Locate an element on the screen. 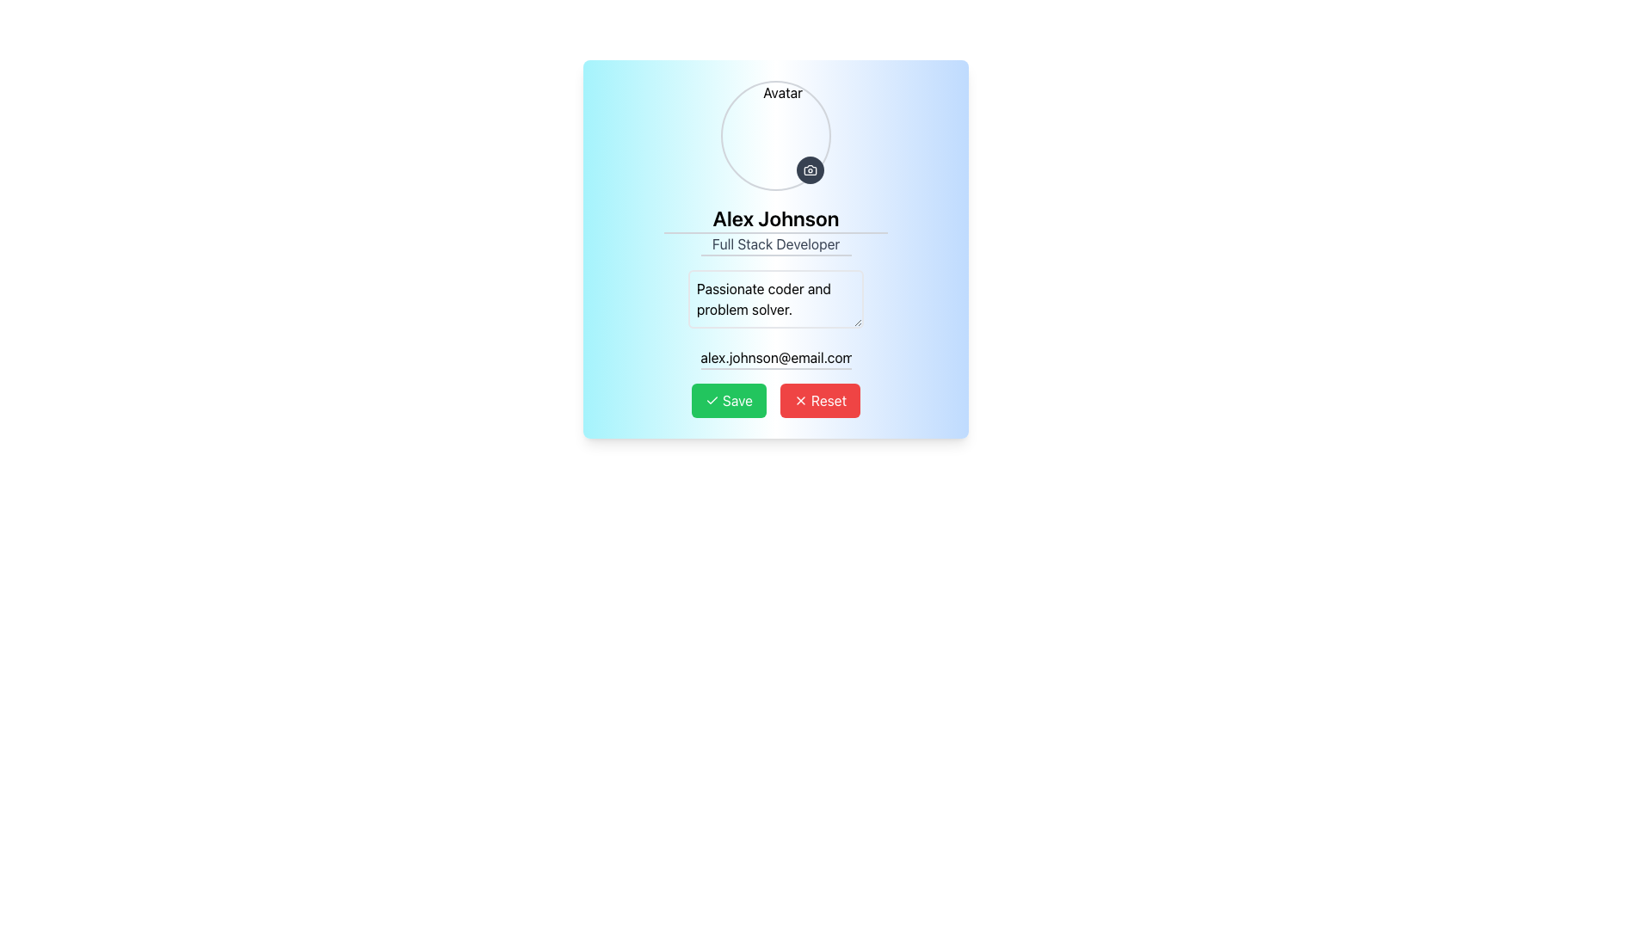 Image resolution: width=1652 pixels, height=929 pixels. the checkmark icon located to the left of the 'Save' button to confirm the action is located at coordinates (712, 401).